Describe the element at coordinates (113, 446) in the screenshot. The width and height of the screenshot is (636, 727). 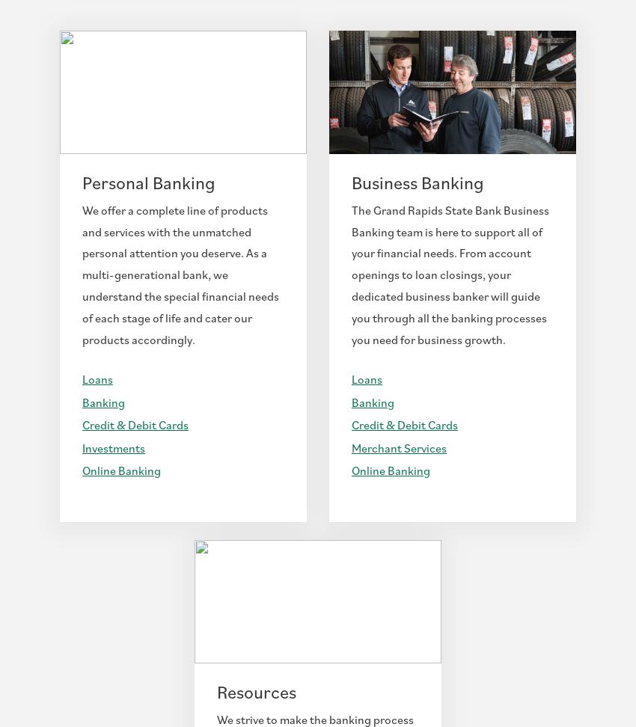
I see `'Investments'` at that location.